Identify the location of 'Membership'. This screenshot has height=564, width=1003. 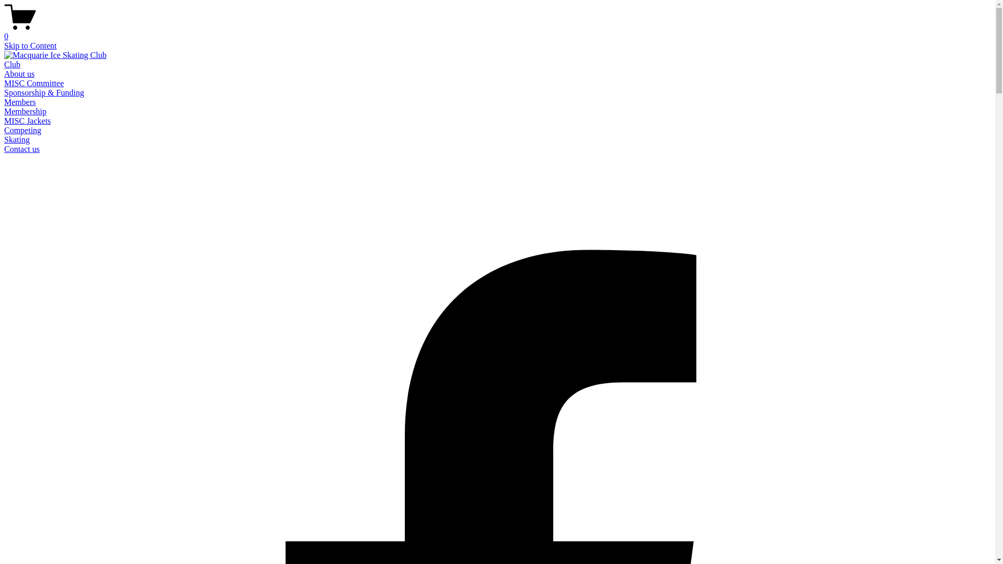
(25, 111).